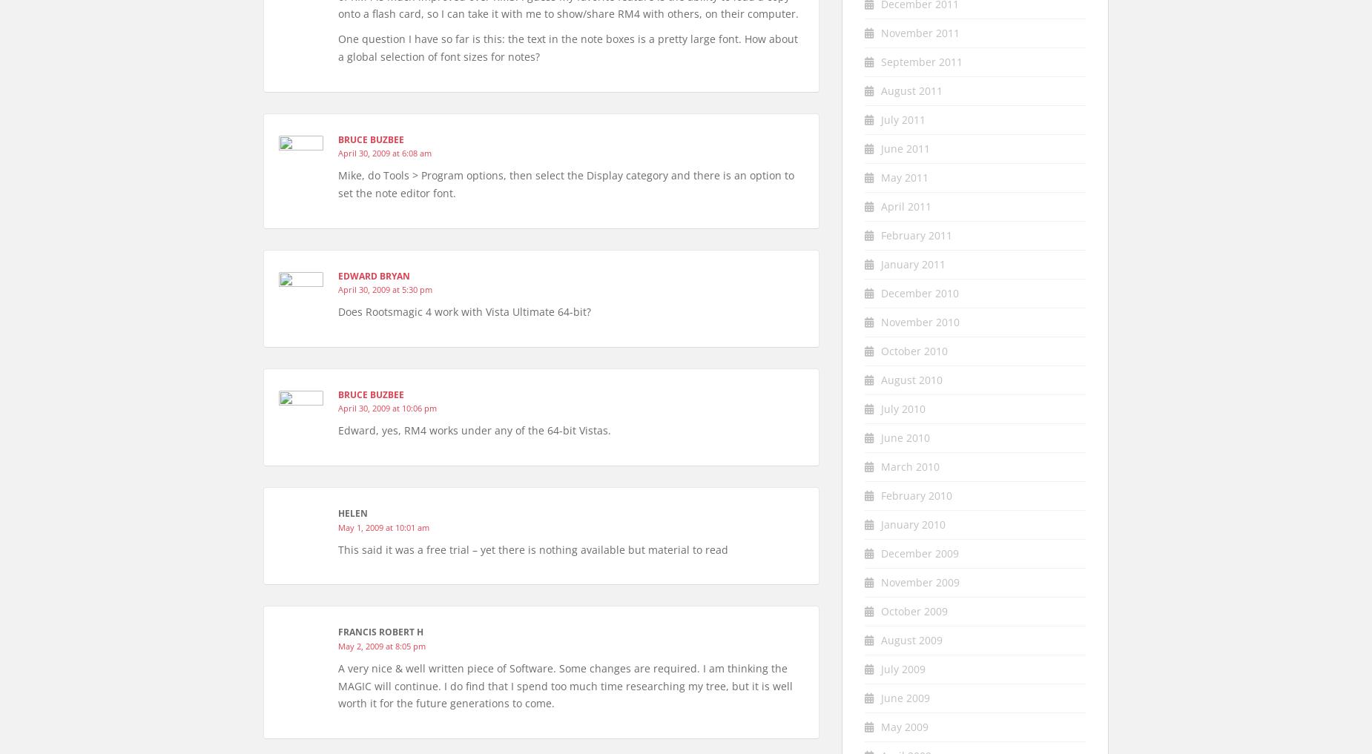 This screenshot has width=1372, height=754. What do you see at coordinates (532, 549) in the screenshot?
I see `'This said it was a free trial – yet there is nothing available but material to read'` at bounding box center [532, 549].